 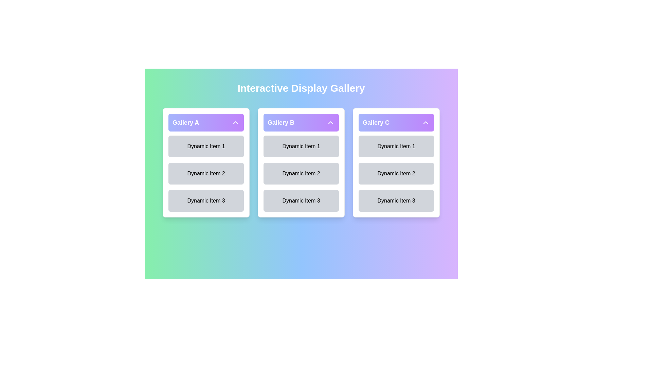 I want to click on the second block labeled 'Dynamic Item 2' within the 'Gallery A' card, which is part of a vertically stacked layout on the left side of the interface, so click(x=205, y=162).